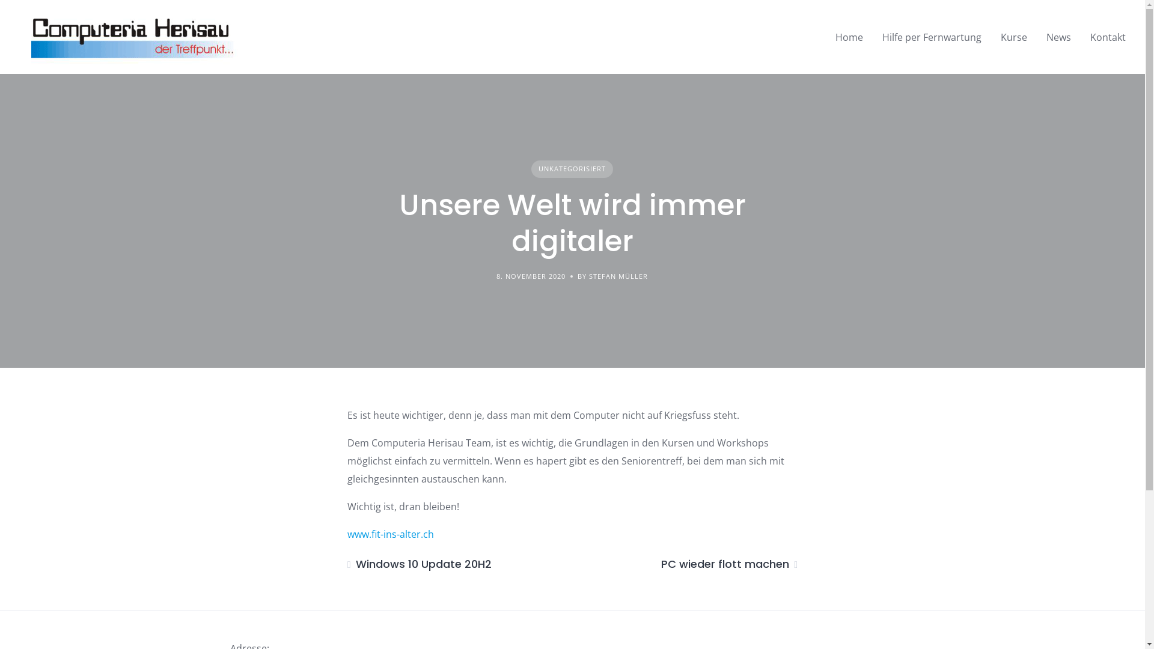 Image resolution: width=1154 pixels, height=649 pixels. I want to click on 'Kontakt', so click(1107, 36).